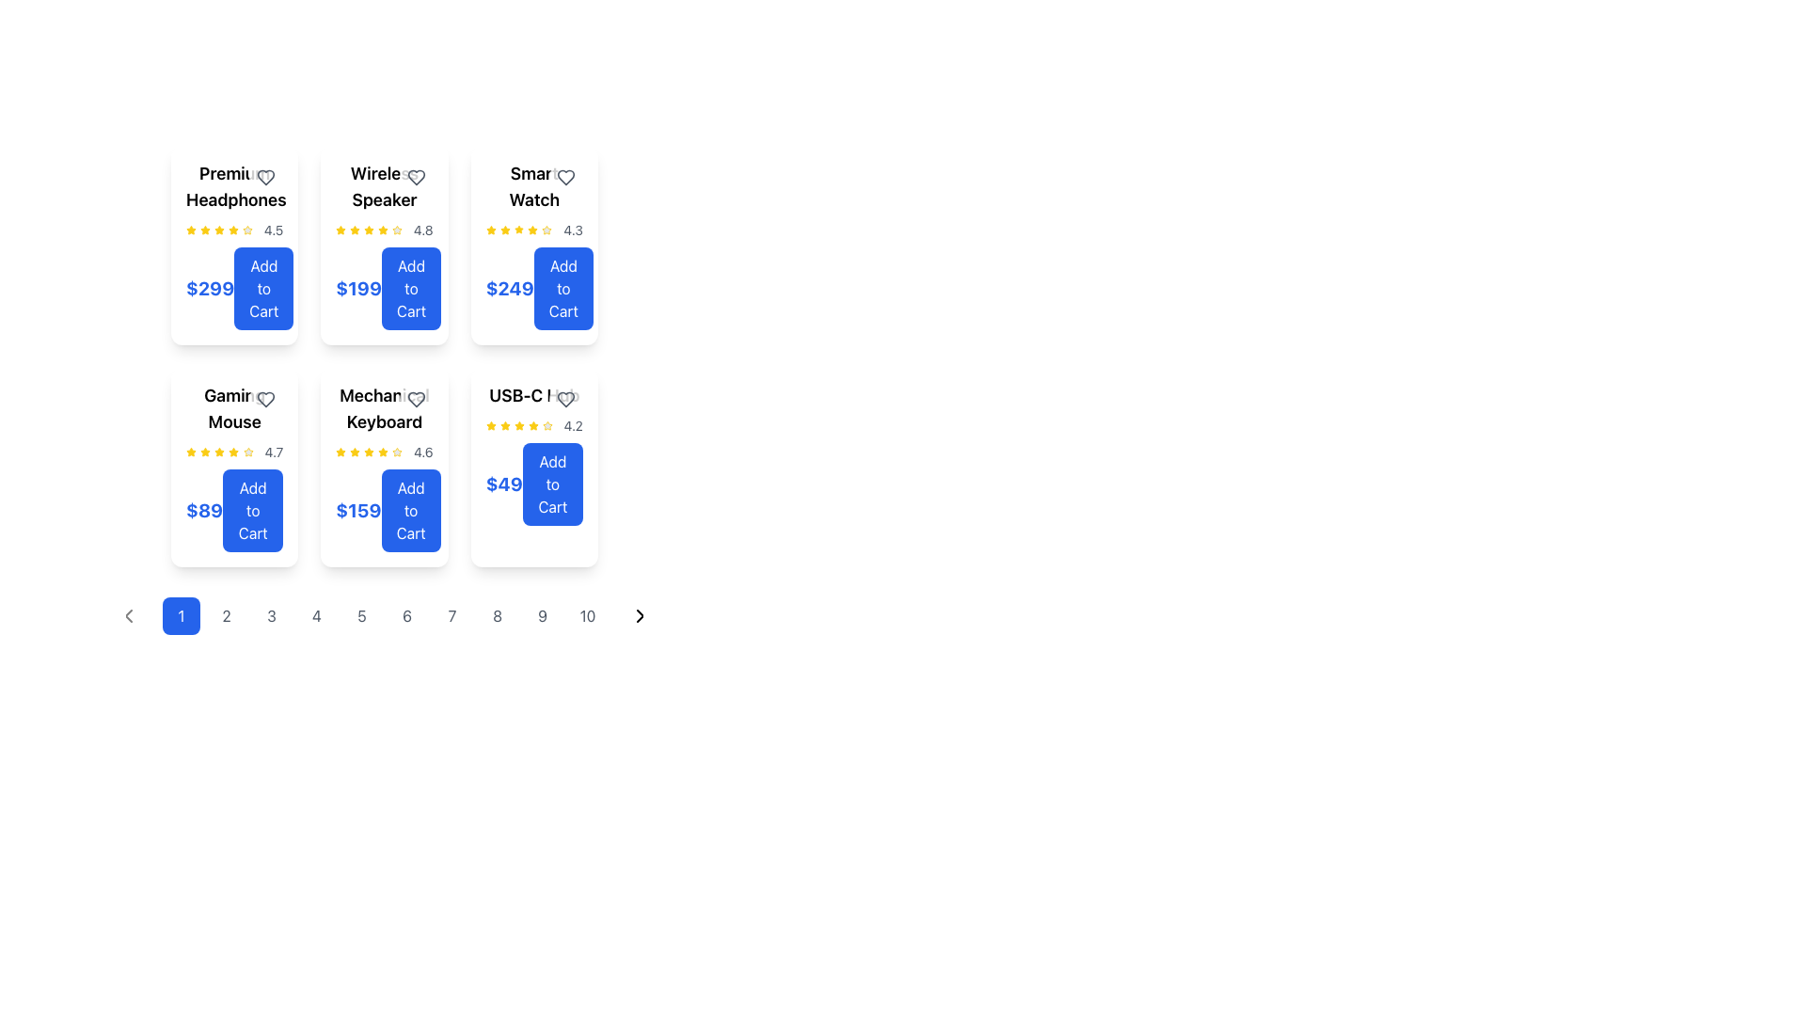 The height and width of the screenshot is (1016, 1806). Describe the element at coordinates (205, 452) in the screenshot. I see `the third star icon in the rating system of the 'Gamir Mouse' product card to indicate the rating level` at that location.